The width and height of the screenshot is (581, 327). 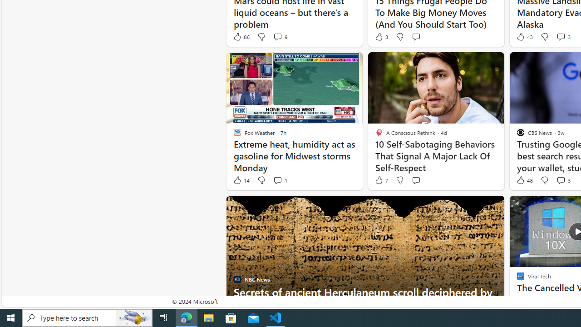 What do you see at coordinates (476, 207) in the screenshot?
I see `'Hide this story'` at bounding box center [476, 207].